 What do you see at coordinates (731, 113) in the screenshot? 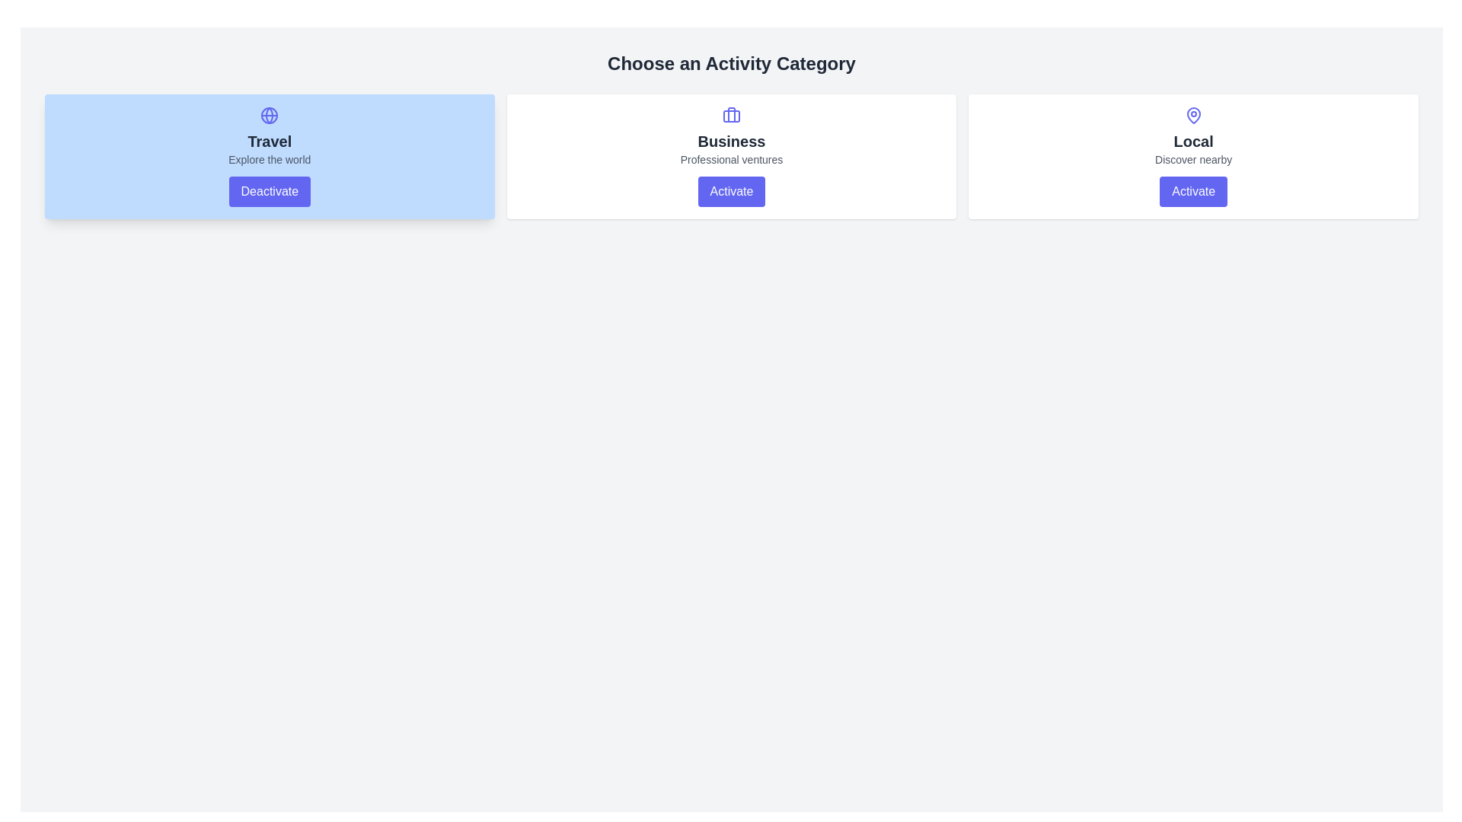
I see `the decorative briefcase icon above the 'Business' category text, which is located on the second card from the left in the 'Choose an Activity Category' section` at bounding box center [731, 113].